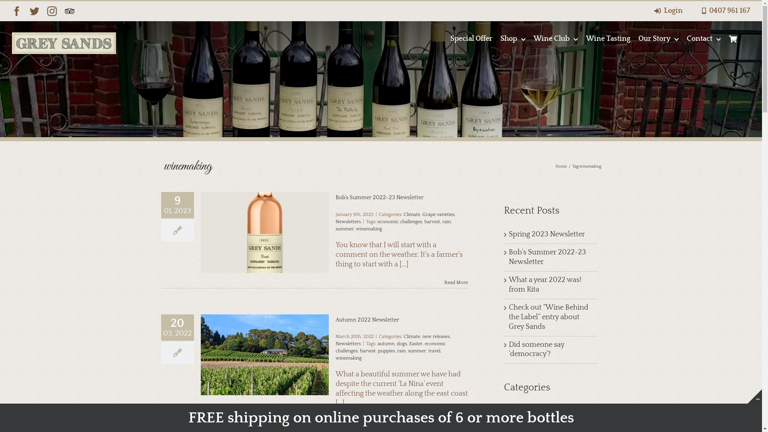 The height and width of the screenshot is (432, 768). What do you see at coordinates (348, 343) in the screenshot?
I see `'Newsletters'` at bounding box center [348, 343].